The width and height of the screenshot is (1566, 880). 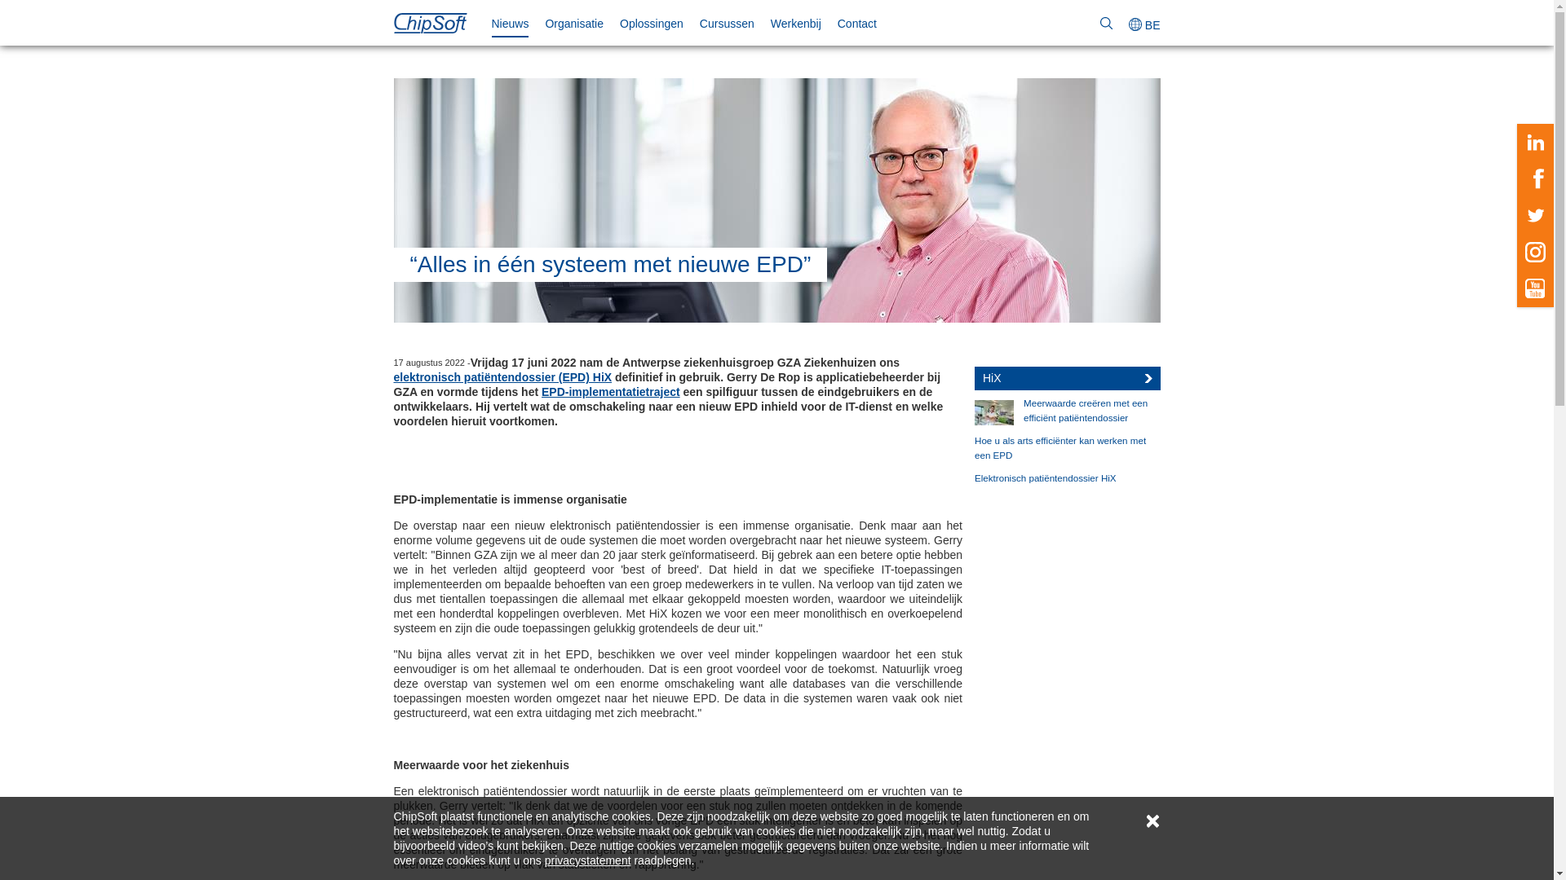 What do you see at coordinates (726, 24) in the screenshot?
I see `'Cursussen'` at bounding box center [726, 24].